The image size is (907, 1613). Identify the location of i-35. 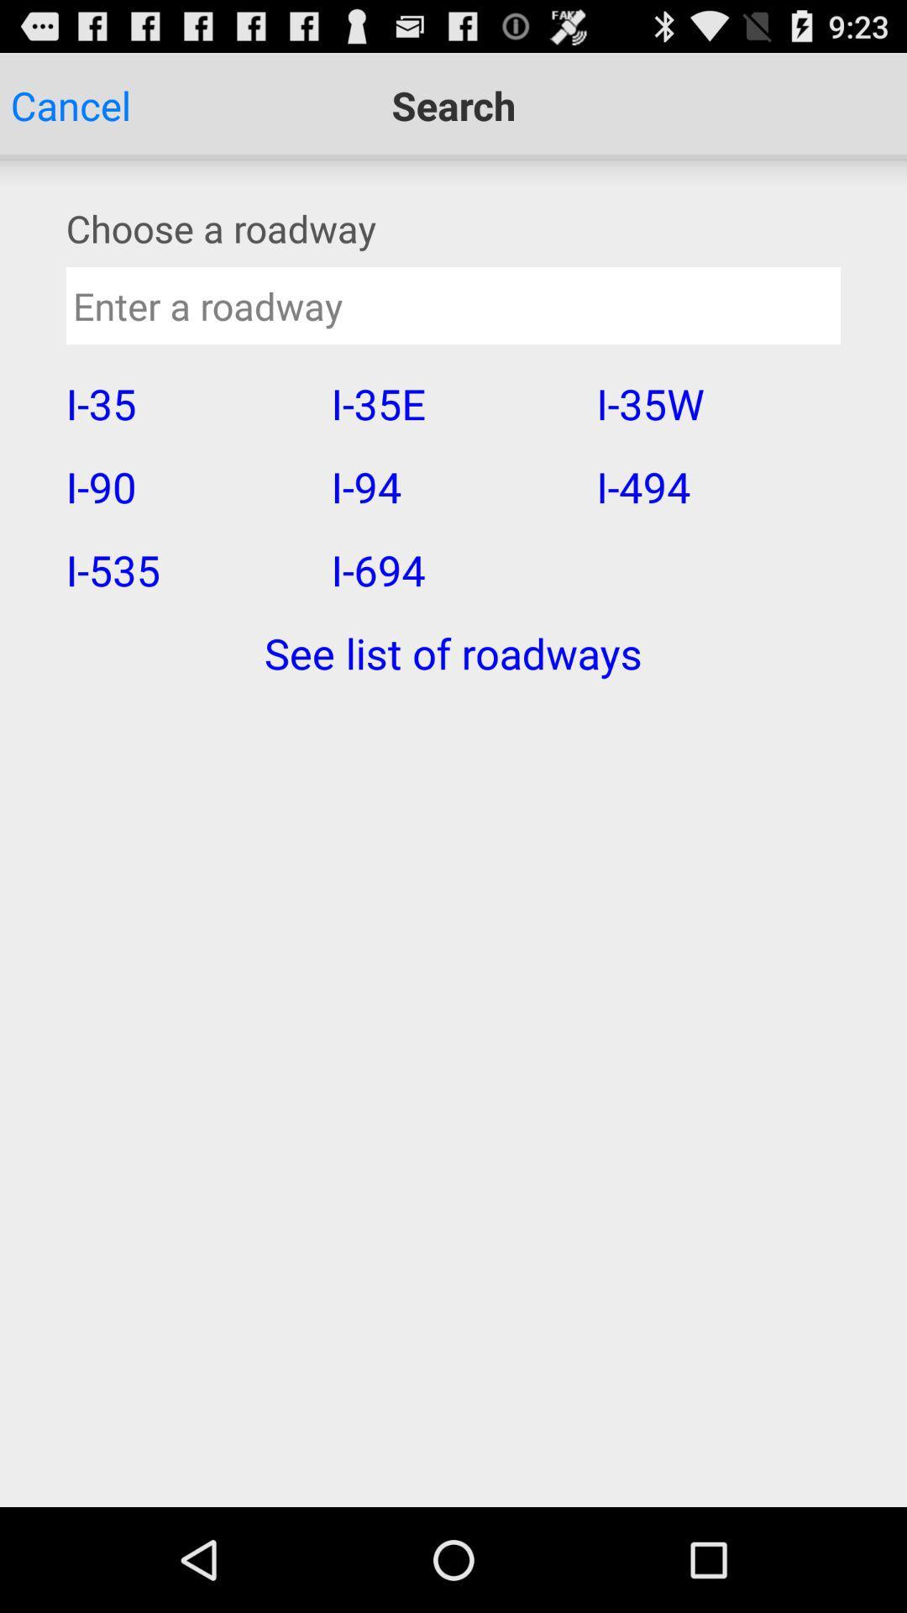
(187, 403).